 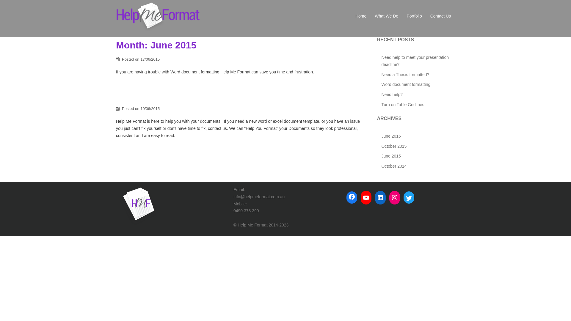 What do you see at coordinates (404, 198) in the screenshot?
I see `'Twitter'` at bounding box center [404, 198].